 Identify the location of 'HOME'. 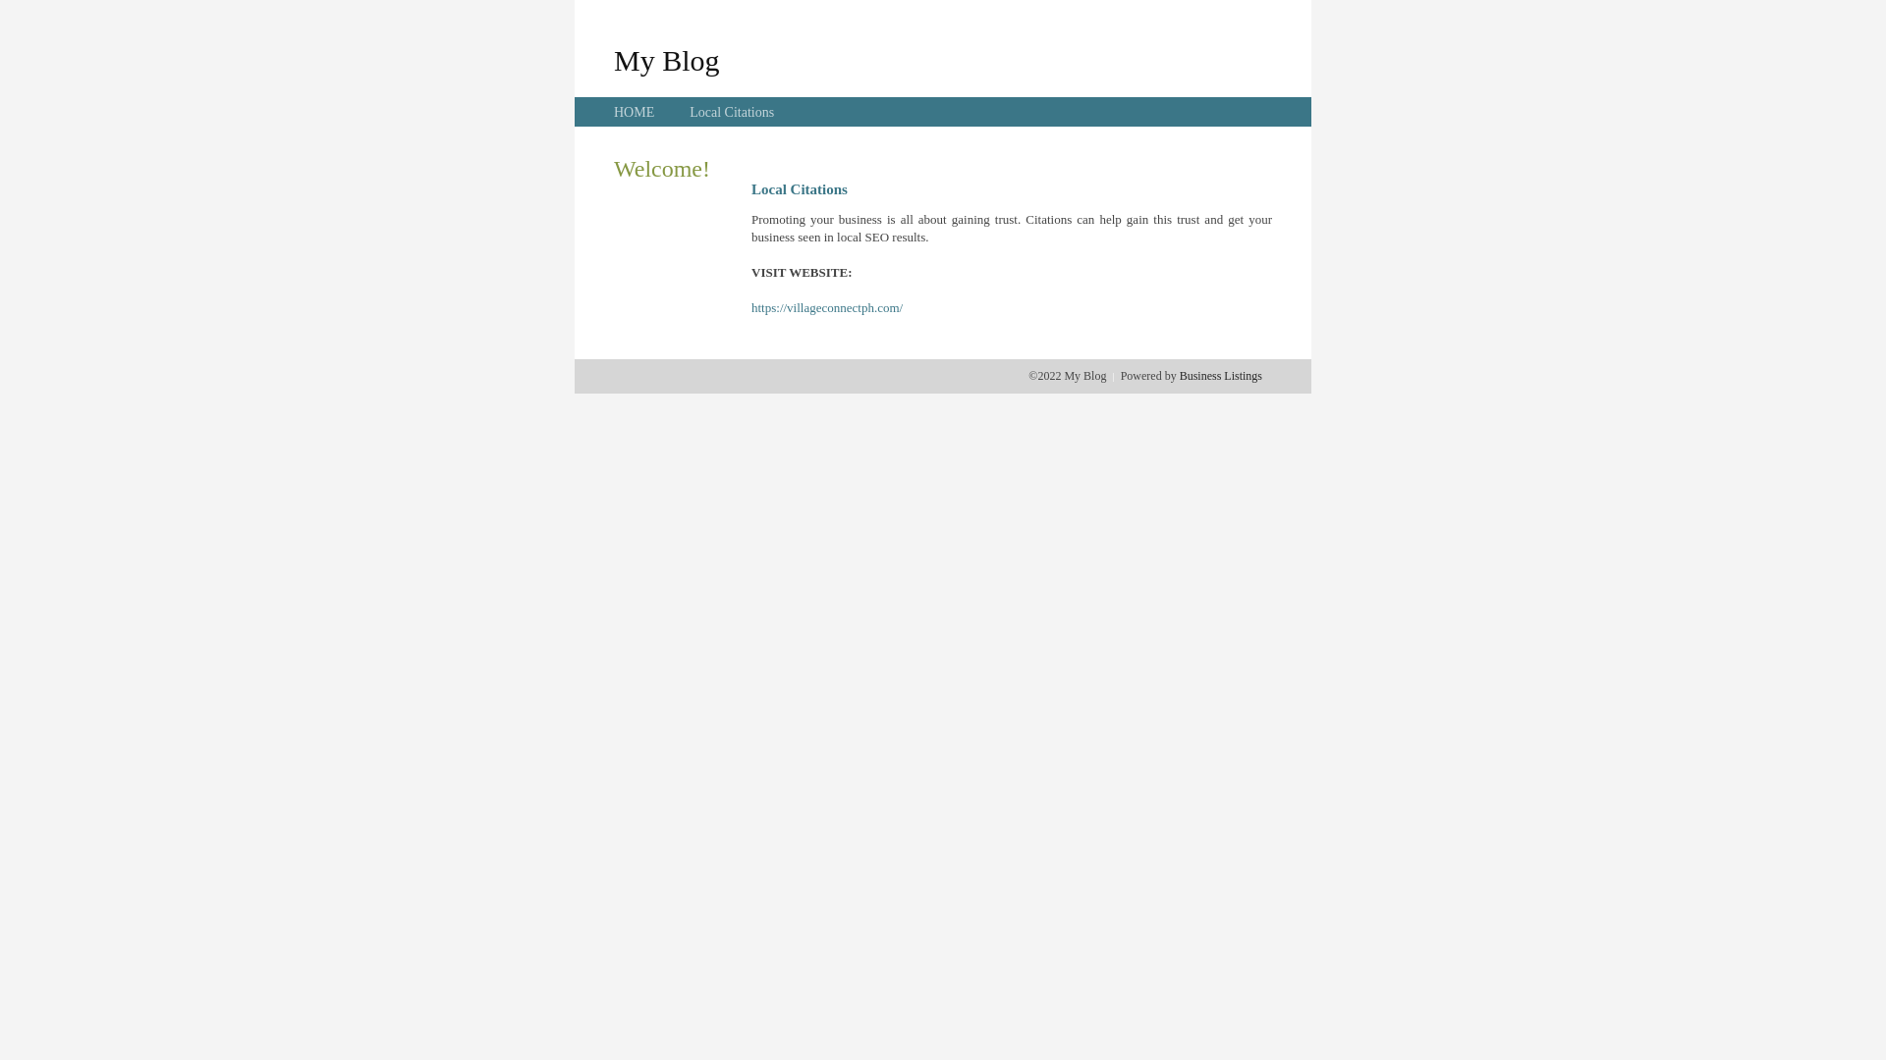
(634, 112).